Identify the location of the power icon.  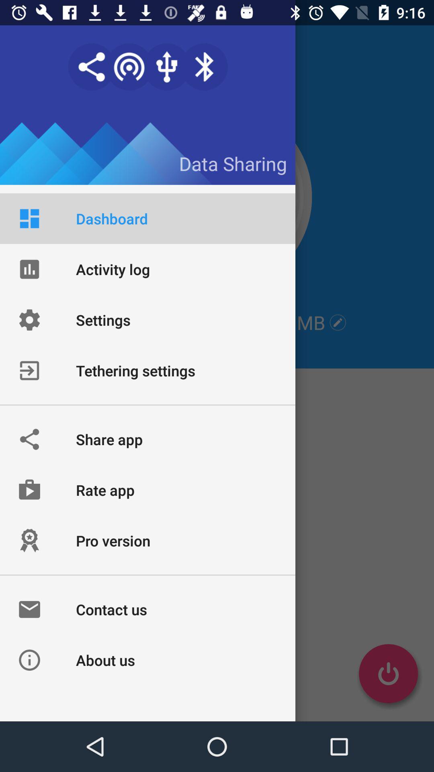
(388, 673).